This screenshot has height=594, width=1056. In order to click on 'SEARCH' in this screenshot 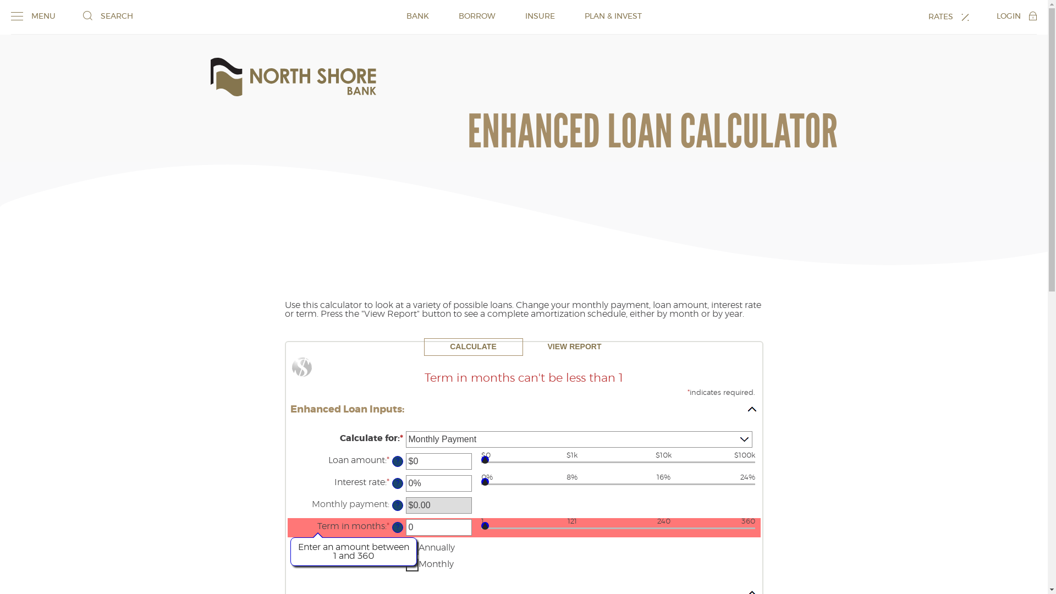, I will do `click(108, 16)`.